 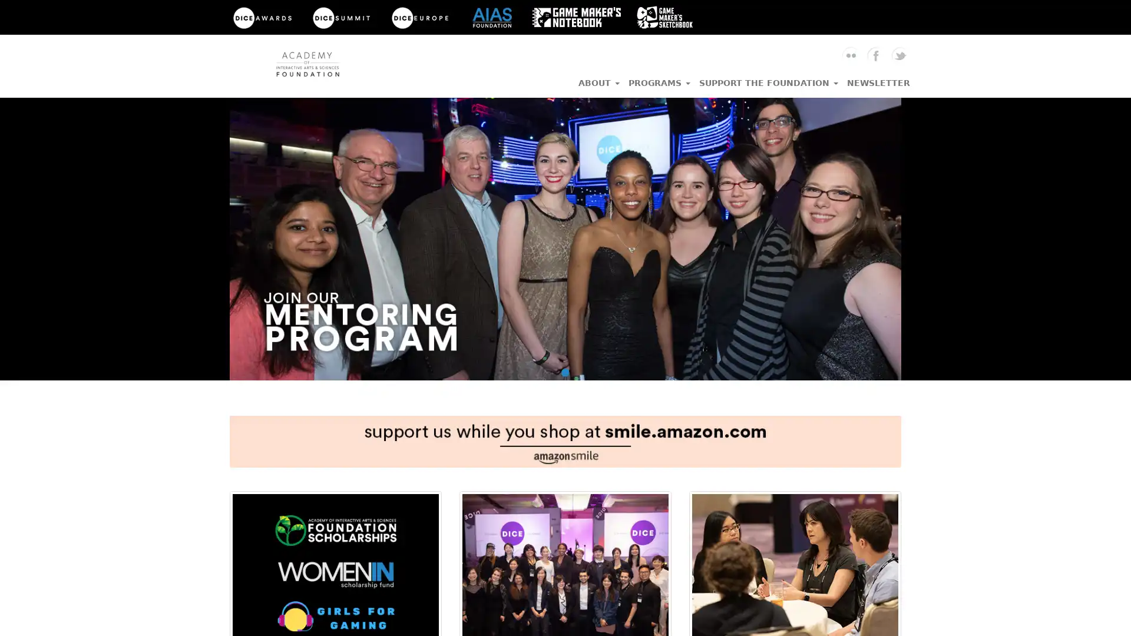 I want to click on PROGRAMS, so click(x=659, y=82).